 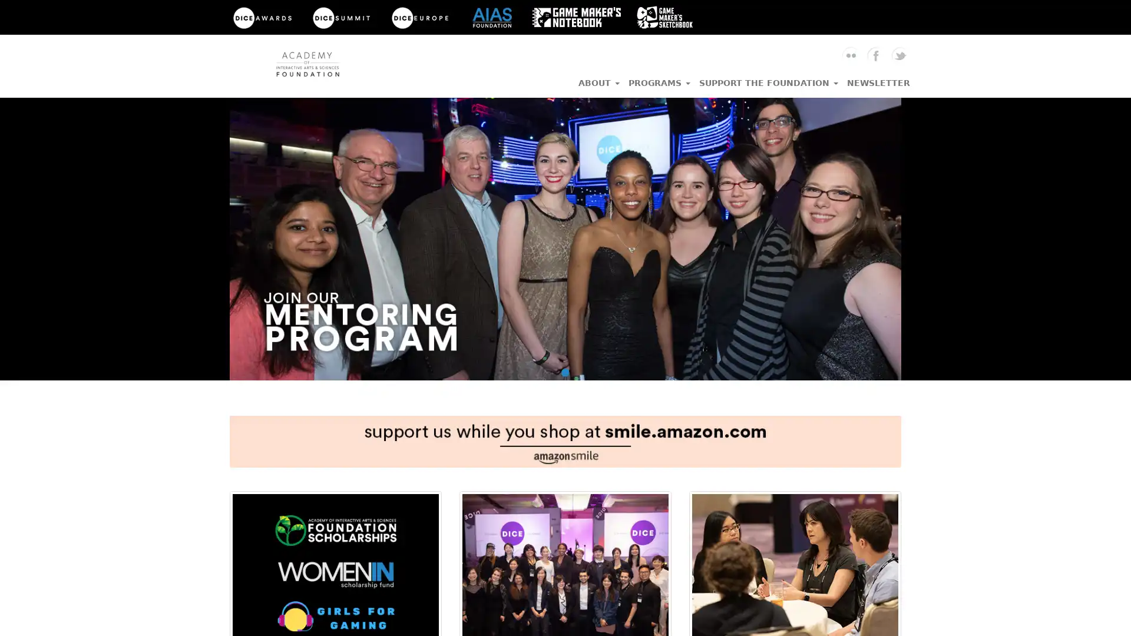 I want to click on PROGRAMS, so click(x=659, y=82).